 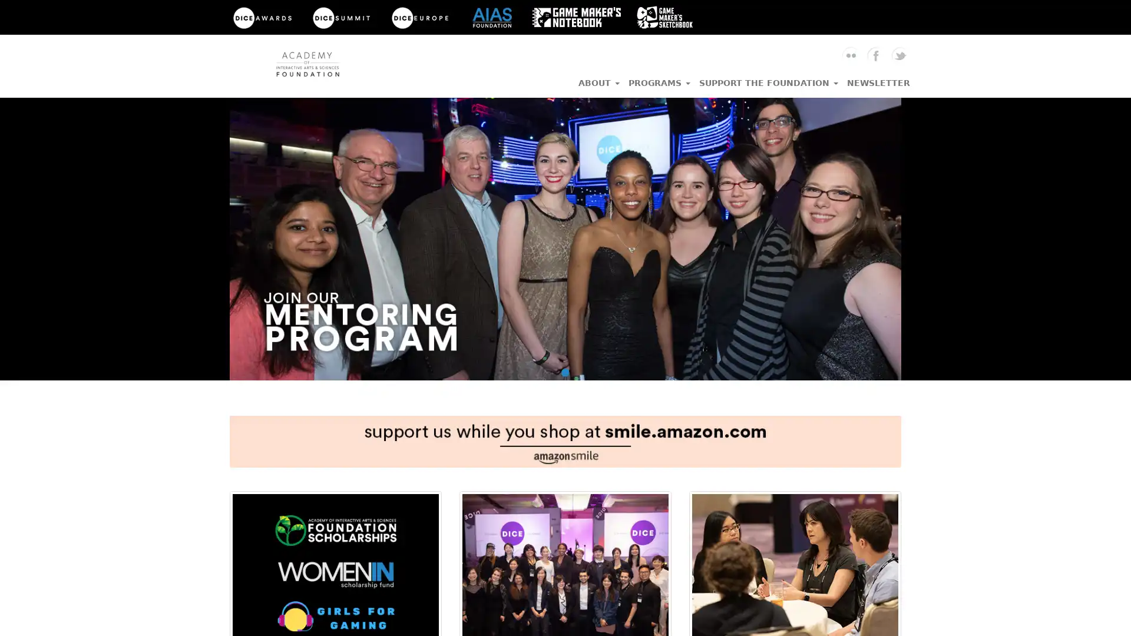 I want to click on PROGRAMS, so click(x=659, y=82).